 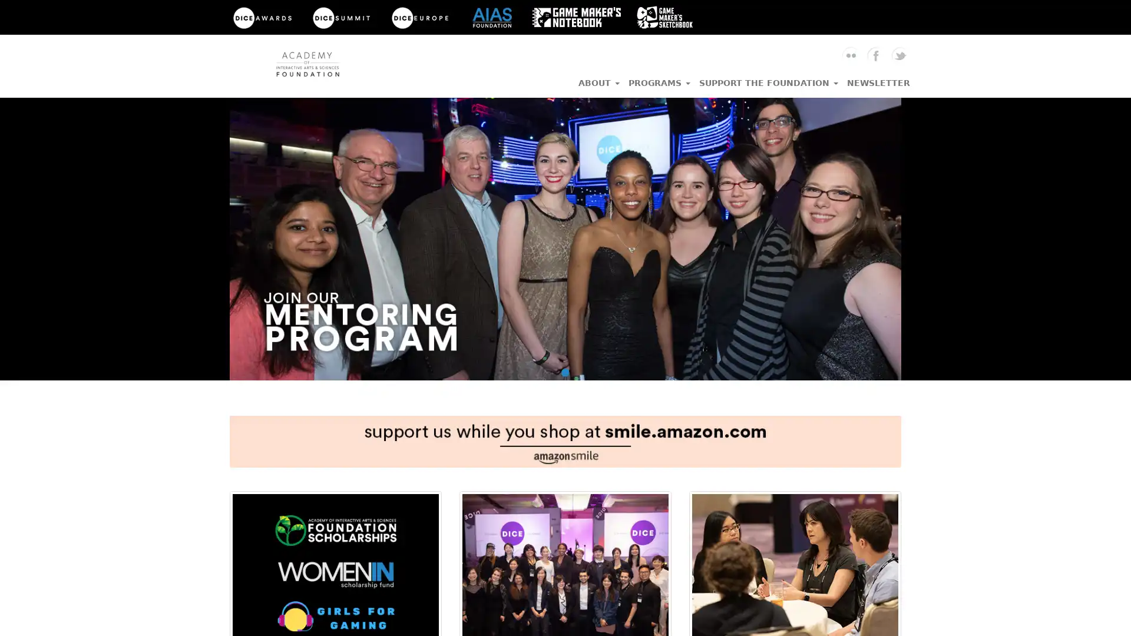 I want to click on PROGRAMS, so click(x=659, y=82).